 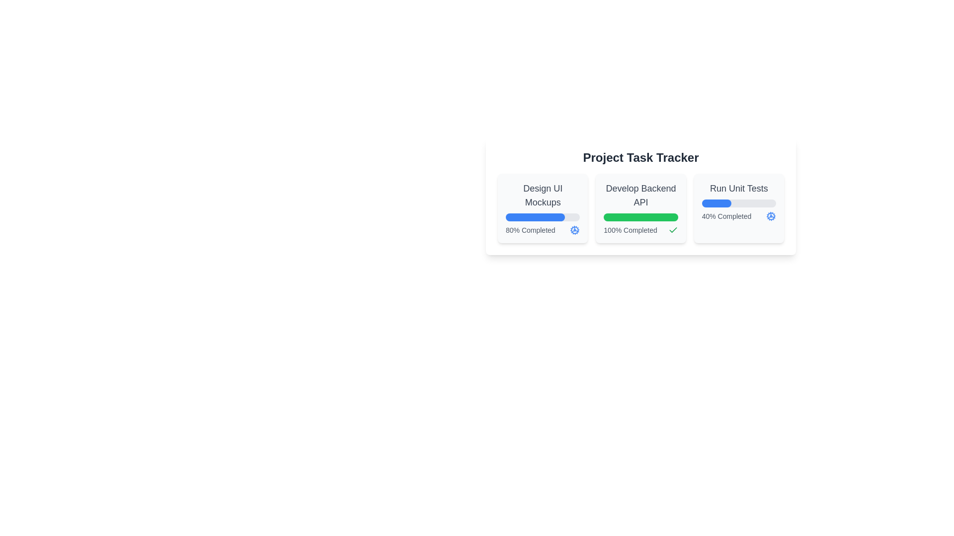 What do you see at coordinates (673, 230) in the screenshot?
I see `green checkmark icon located inside the 'Develop Backend API' progress tracker item, which indicates '100% Completed'` at bounding box center [673, 230].